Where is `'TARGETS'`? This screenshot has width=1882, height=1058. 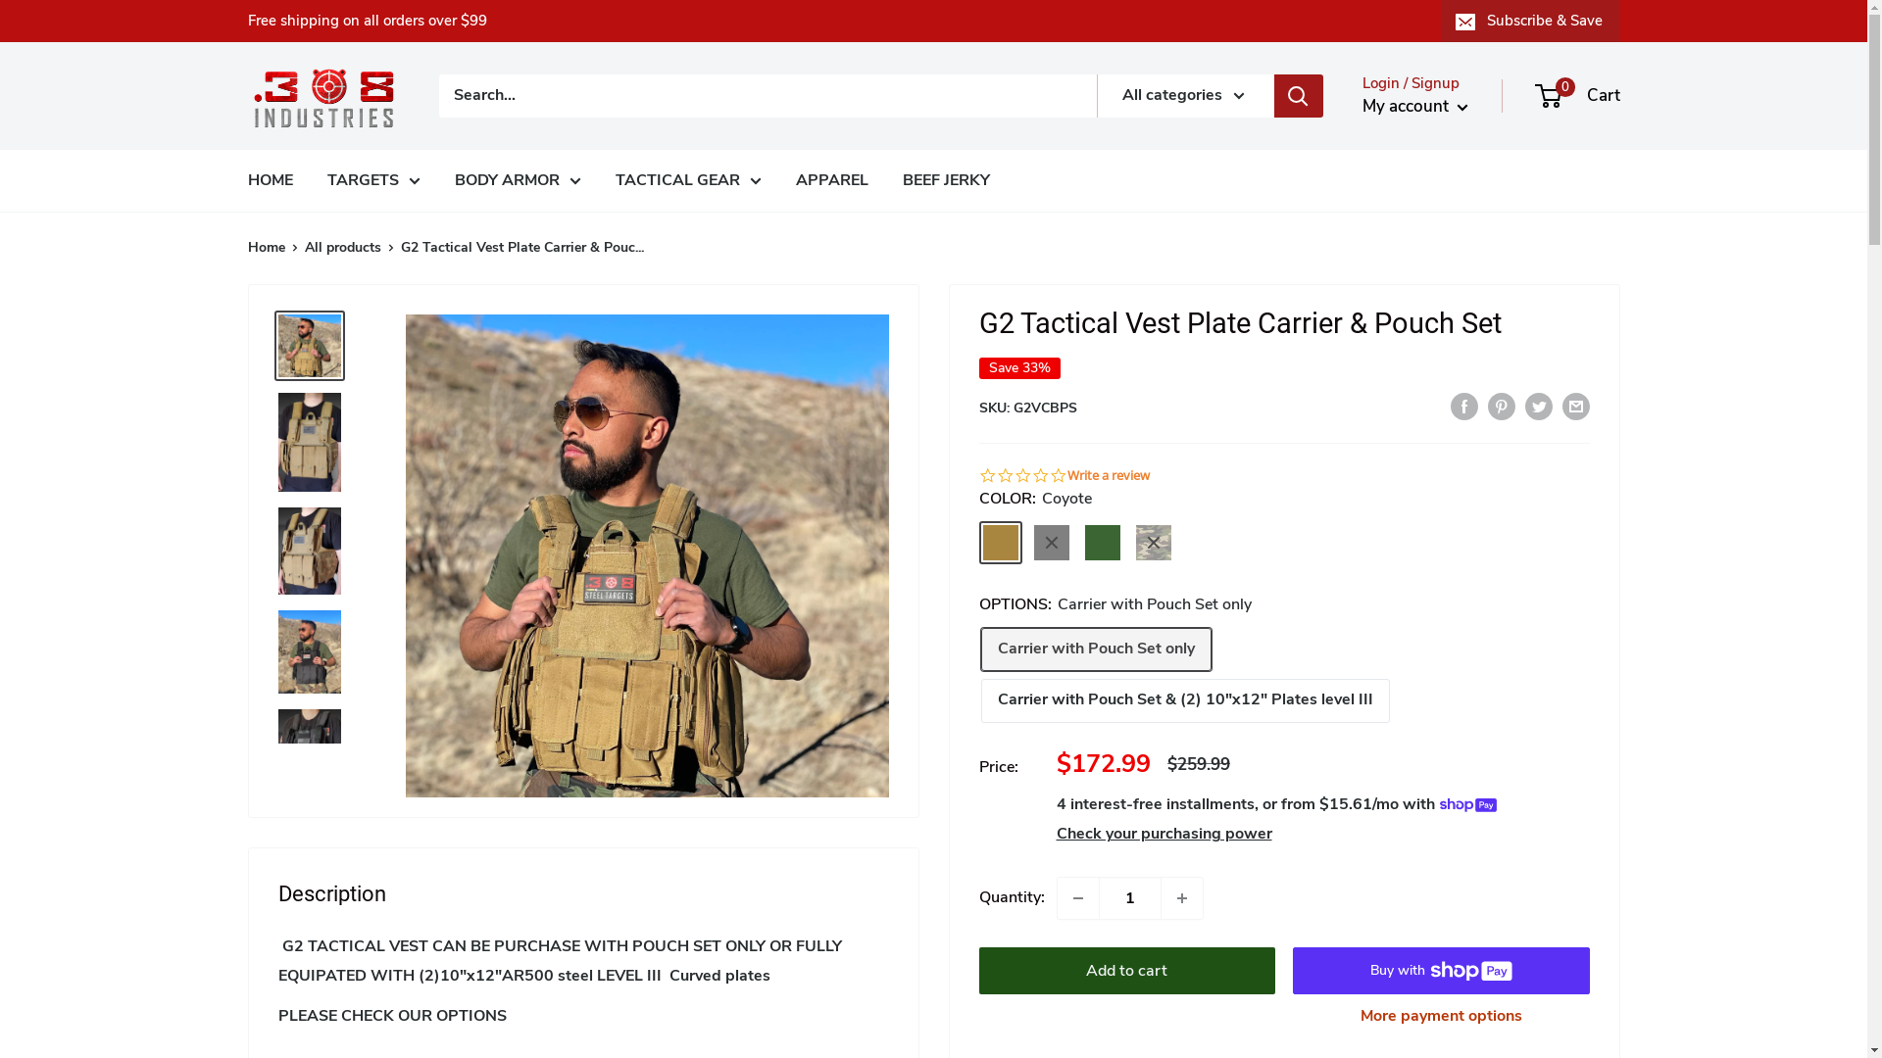 'TARGETS' is located at coordinates (373, 181).